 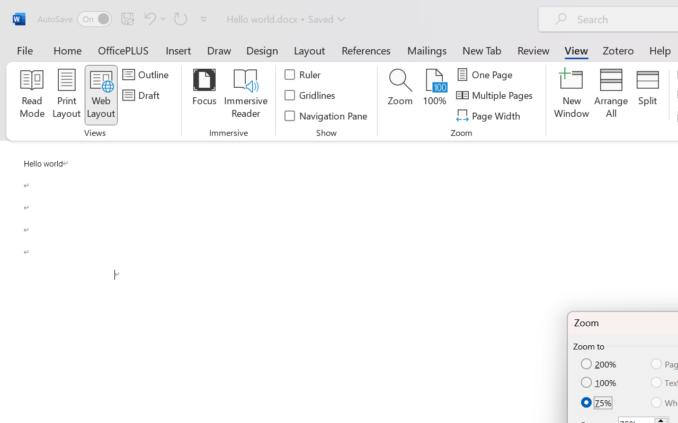 What do you see at coordinates (326, 115) in the screenshot?
I see `'Navigation Pane'` at bounding box center [326, 115].